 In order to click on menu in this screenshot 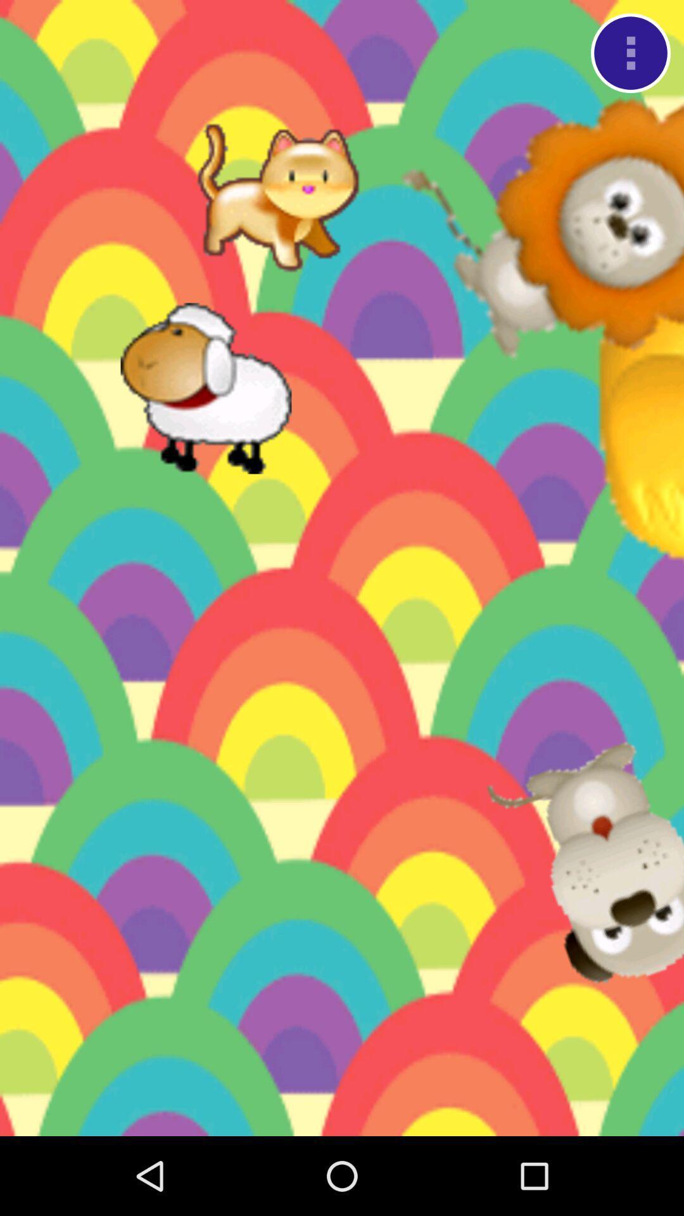, I will do `click(630, 53)`.